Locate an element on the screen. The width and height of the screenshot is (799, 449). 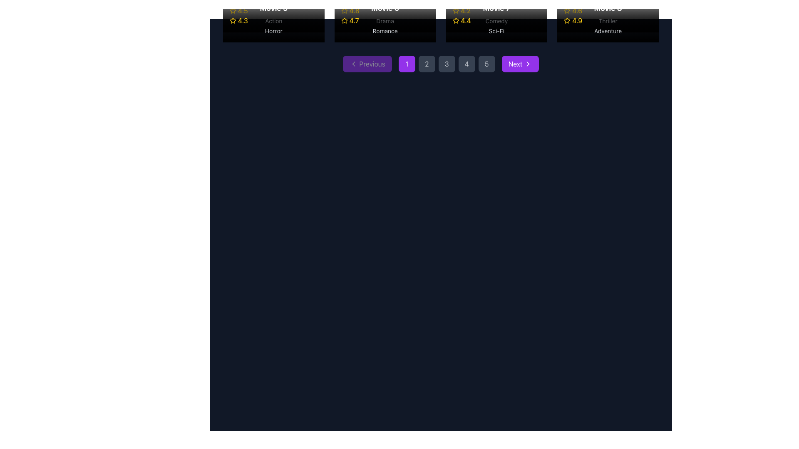
numeric rating value '4.7' displayed next to the yellow star icon, which indicates the average rating for the associated movie is located at coordinates (354, 20).